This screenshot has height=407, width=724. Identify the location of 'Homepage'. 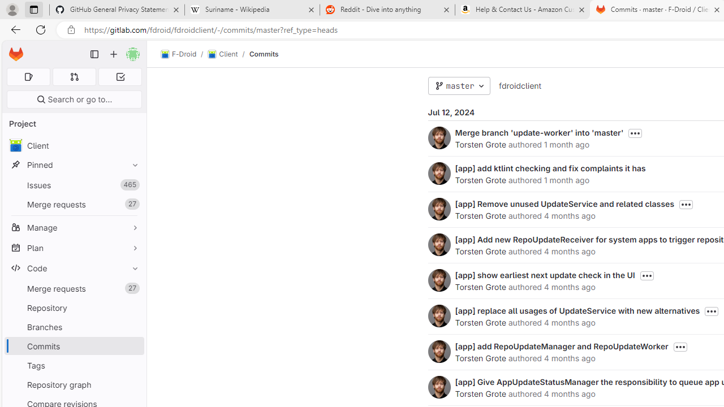
(16, 54).